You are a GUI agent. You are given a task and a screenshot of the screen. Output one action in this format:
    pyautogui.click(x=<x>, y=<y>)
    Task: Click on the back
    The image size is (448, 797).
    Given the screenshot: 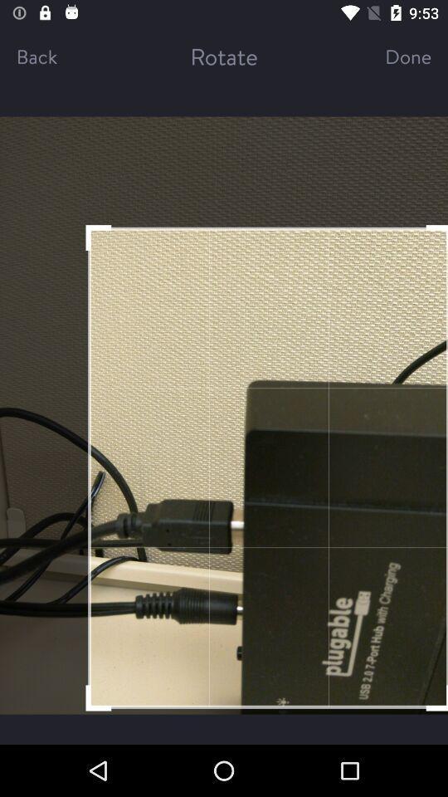 What is the action you would take?
    pyautogui.click(x=54, y=56)
    